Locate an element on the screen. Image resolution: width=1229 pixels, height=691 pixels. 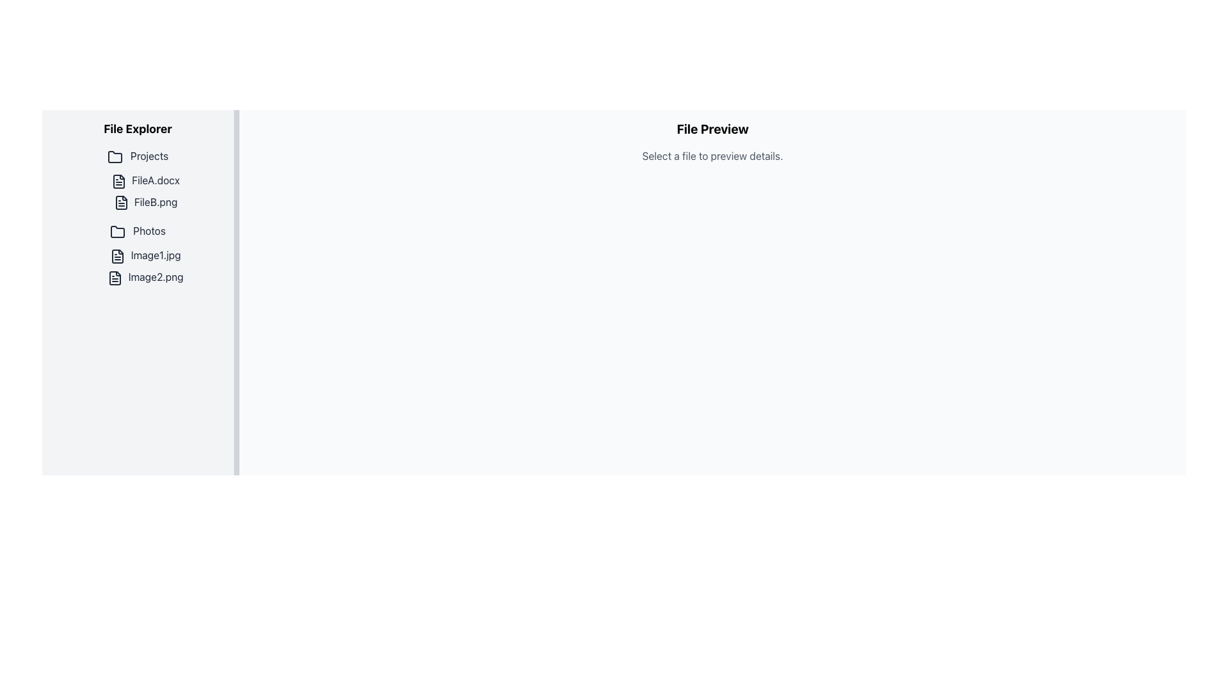
the document icon located in the 'File Explorer' section to interact with the file 'Image1.jpg' is located at coordinates (118, 256).